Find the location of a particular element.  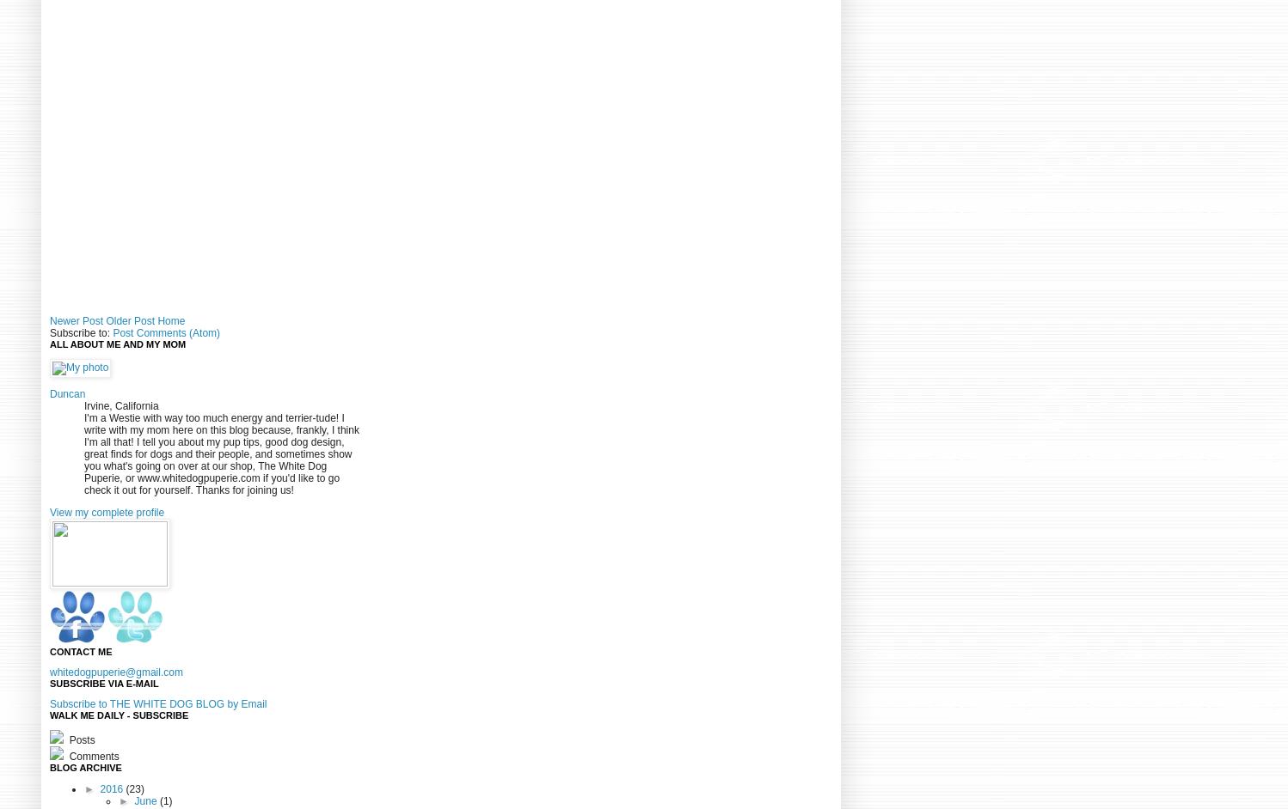

'whitedogpuperie@gmail.com' is located at coordinates (115, 672).